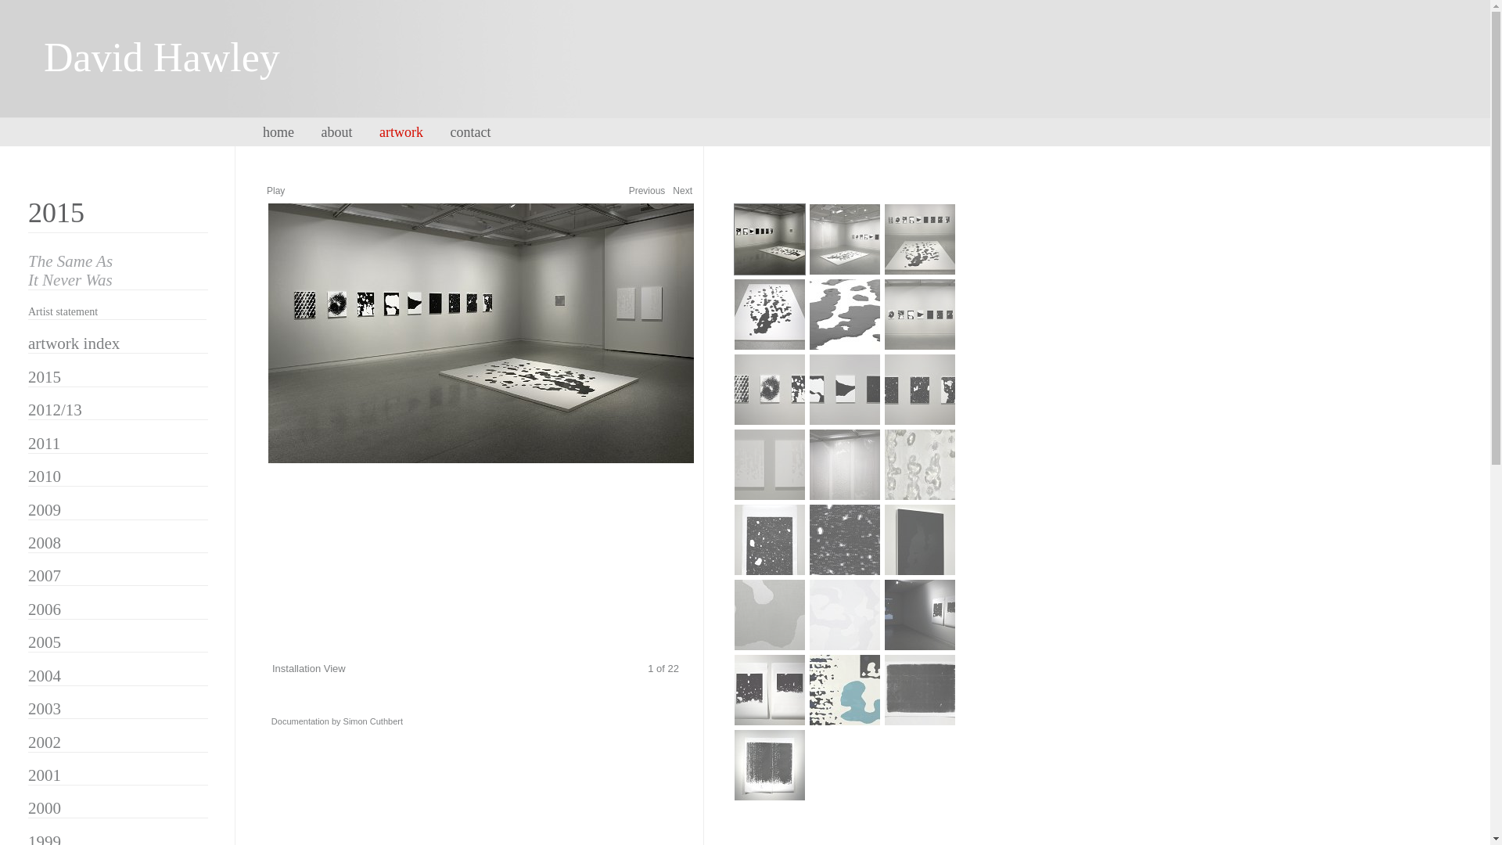 This screenshot has width=1502, height=845. Describe the element at coordinates (45, 775) in the screenshot. I see `'2001'` at that location.